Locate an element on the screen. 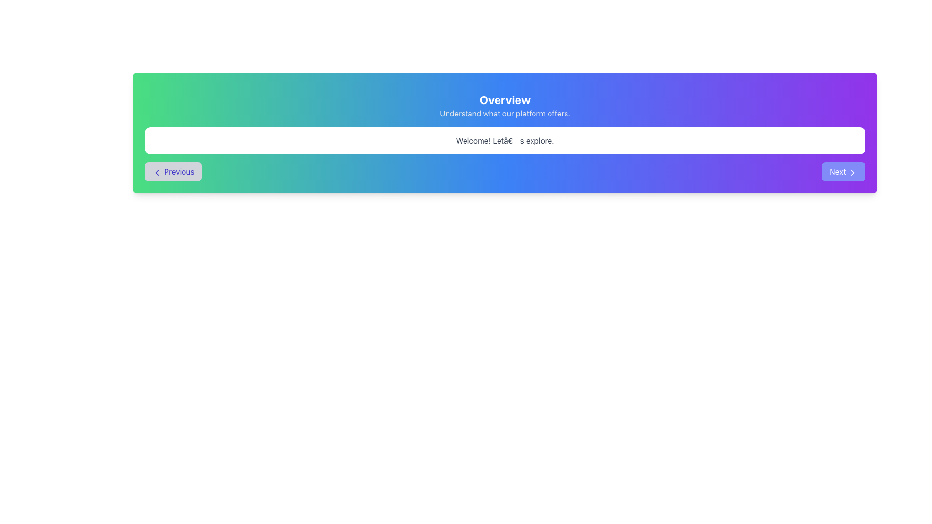 The width and height of the screenshot is (932, 524). the Static Text Box that contains the text 'Welcome! Let’s explore.' which has a white background and is located beneath the title and subtitle is located at coordinates (505, 140).